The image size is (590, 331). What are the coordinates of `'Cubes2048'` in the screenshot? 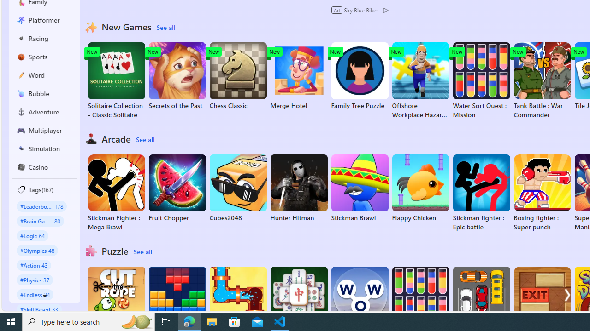 It's located at (238, 188).